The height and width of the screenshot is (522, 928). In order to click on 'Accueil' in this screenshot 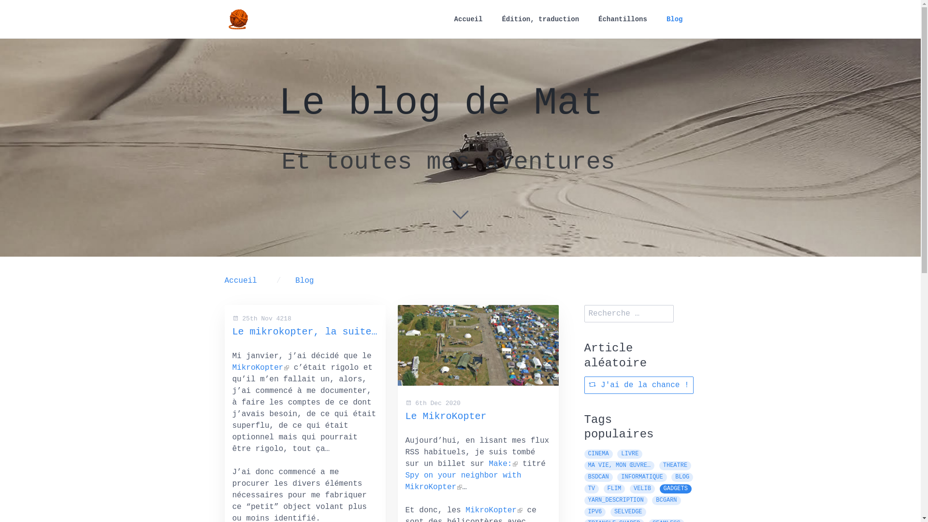, I will do `click(245, 281)`.